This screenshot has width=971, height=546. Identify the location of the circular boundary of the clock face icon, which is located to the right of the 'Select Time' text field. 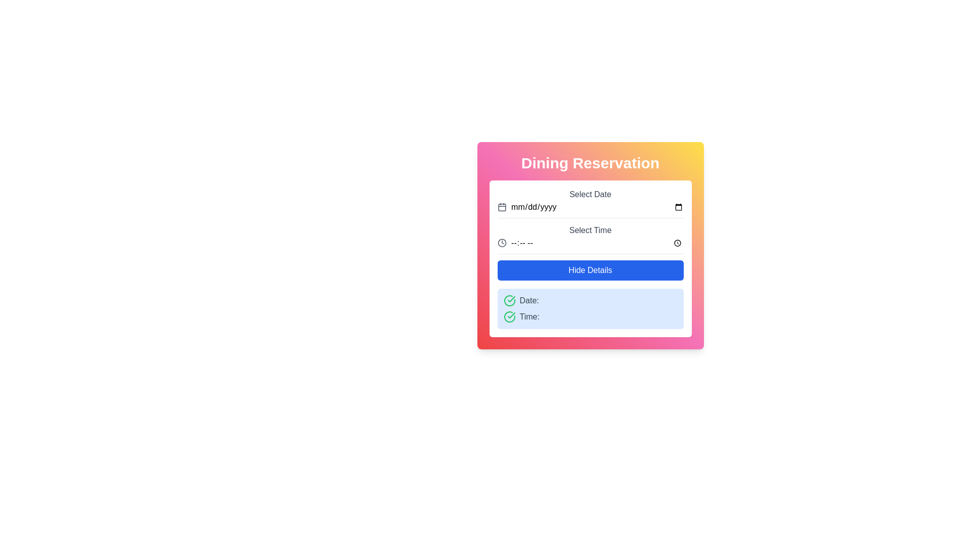
(502, 243).